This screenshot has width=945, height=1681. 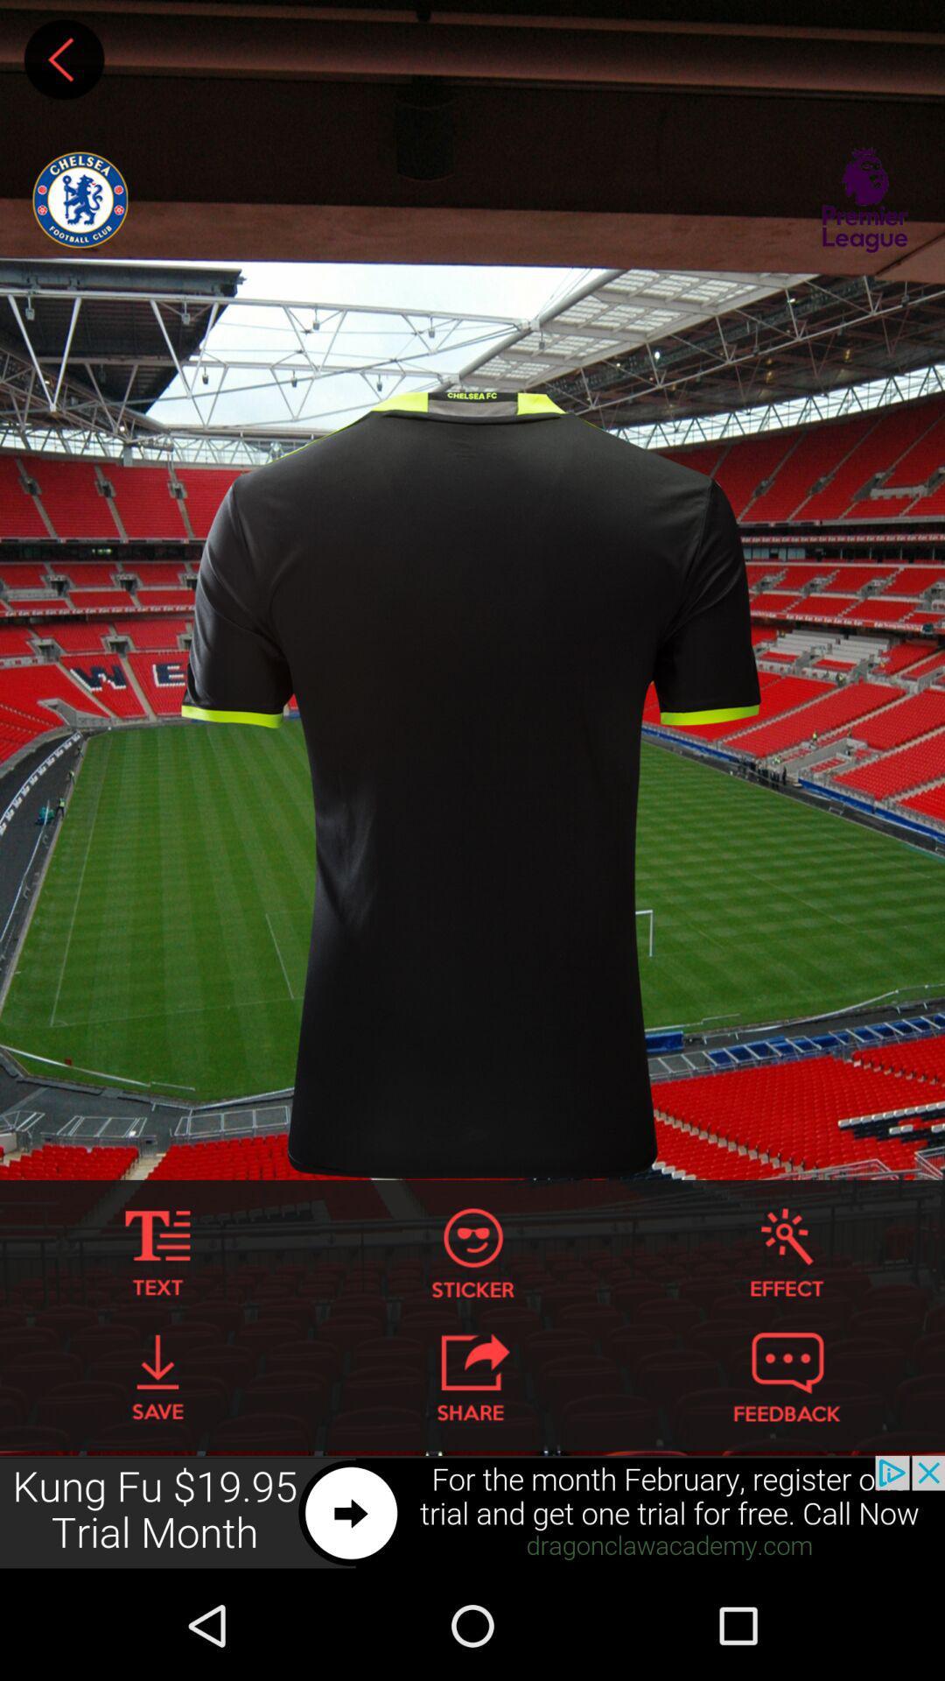 What do you see at coordinates (472, 1252) in the screenshot?
I see `sticker` at bounding box center [472, 1252].